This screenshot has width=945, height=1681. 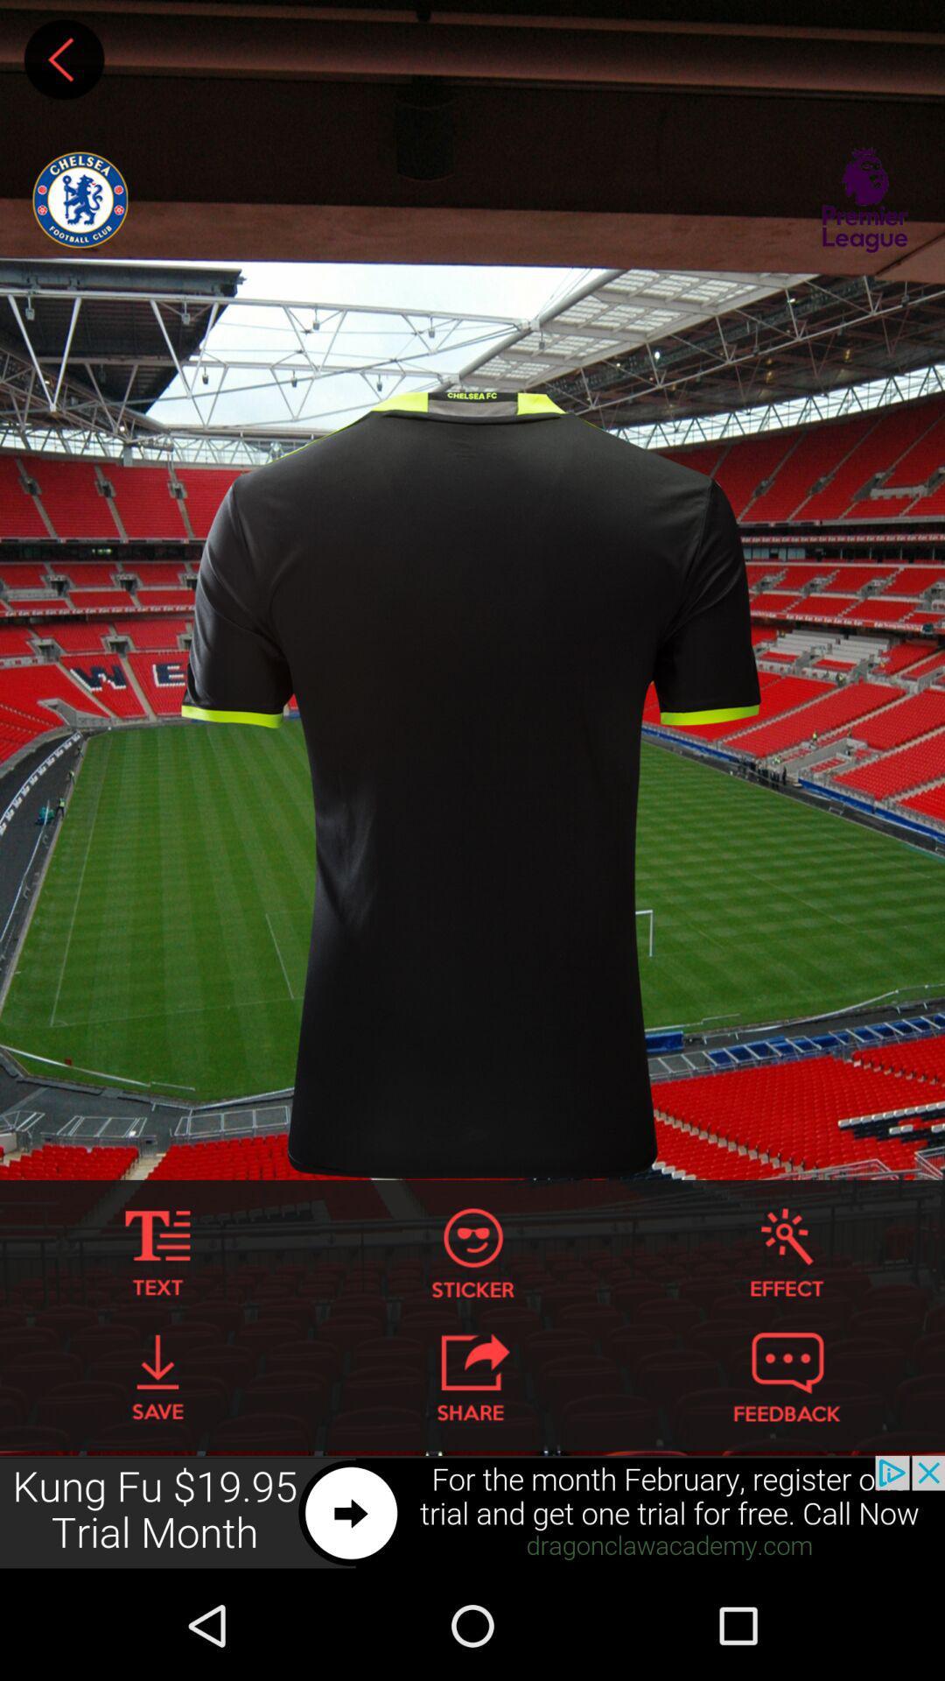 What do you see at coordinates (472, 1252) in the screenshot?
I see `sticker` at bounding box center [472, 1252].